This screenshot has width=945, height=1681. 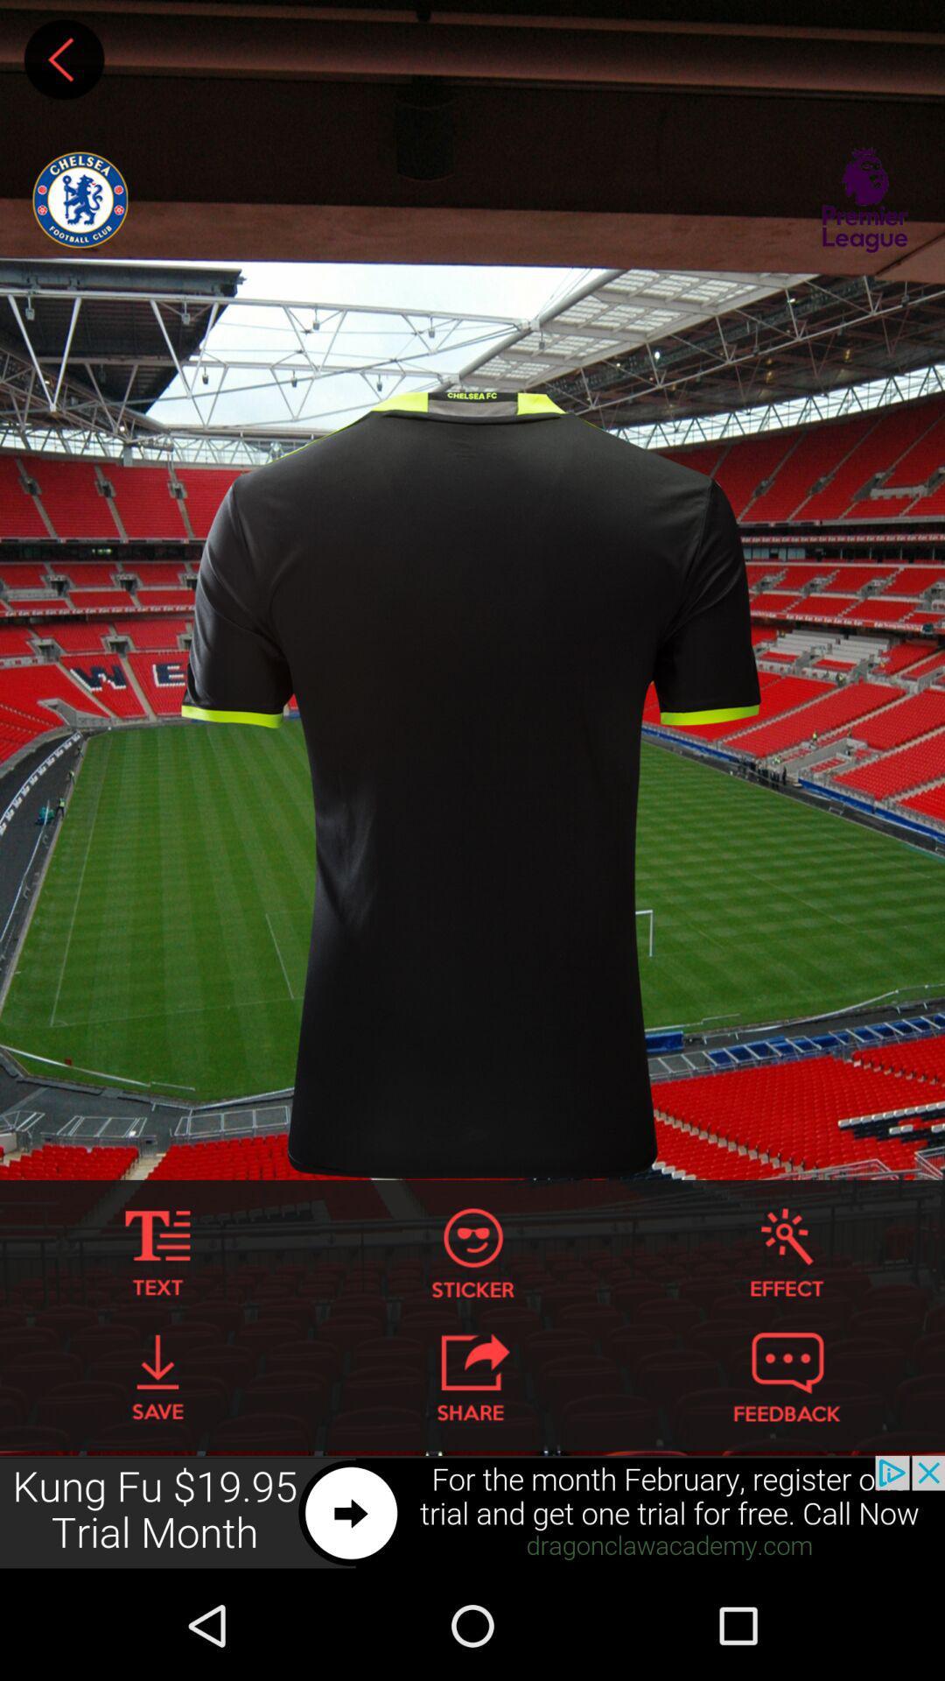 What do you see at coordinates (472, 1252) in the screenshot?
I see `sticker` at bounding box center [472, 1252].